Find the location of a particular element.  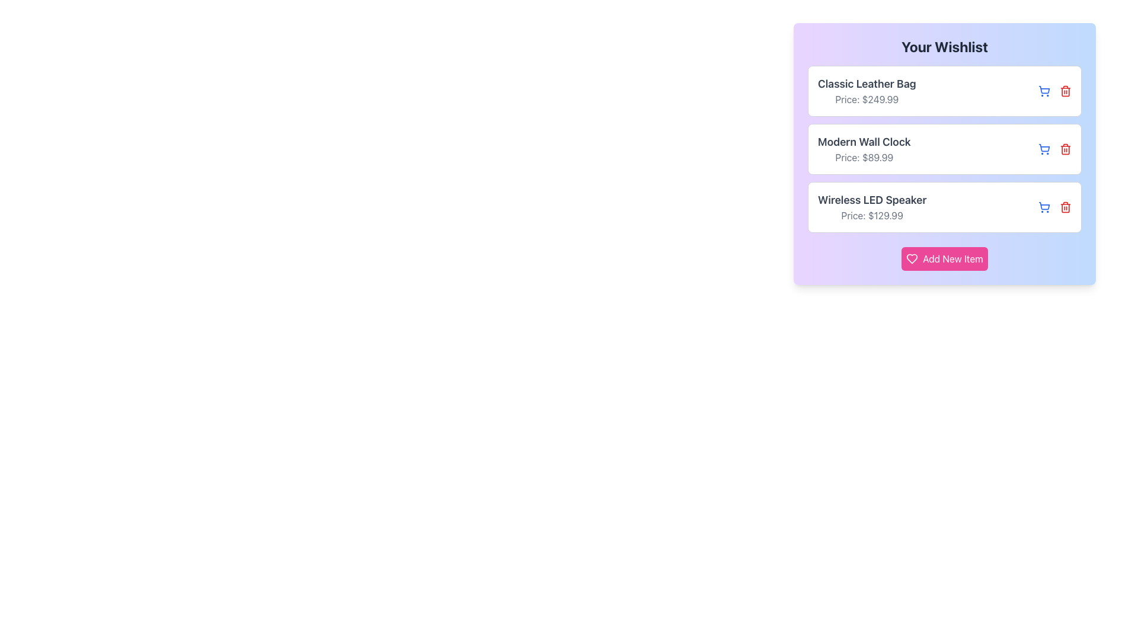

the blue shopping cart button located at the top-right corner of the wishlist item entry is located at coordinates (1044, 148).